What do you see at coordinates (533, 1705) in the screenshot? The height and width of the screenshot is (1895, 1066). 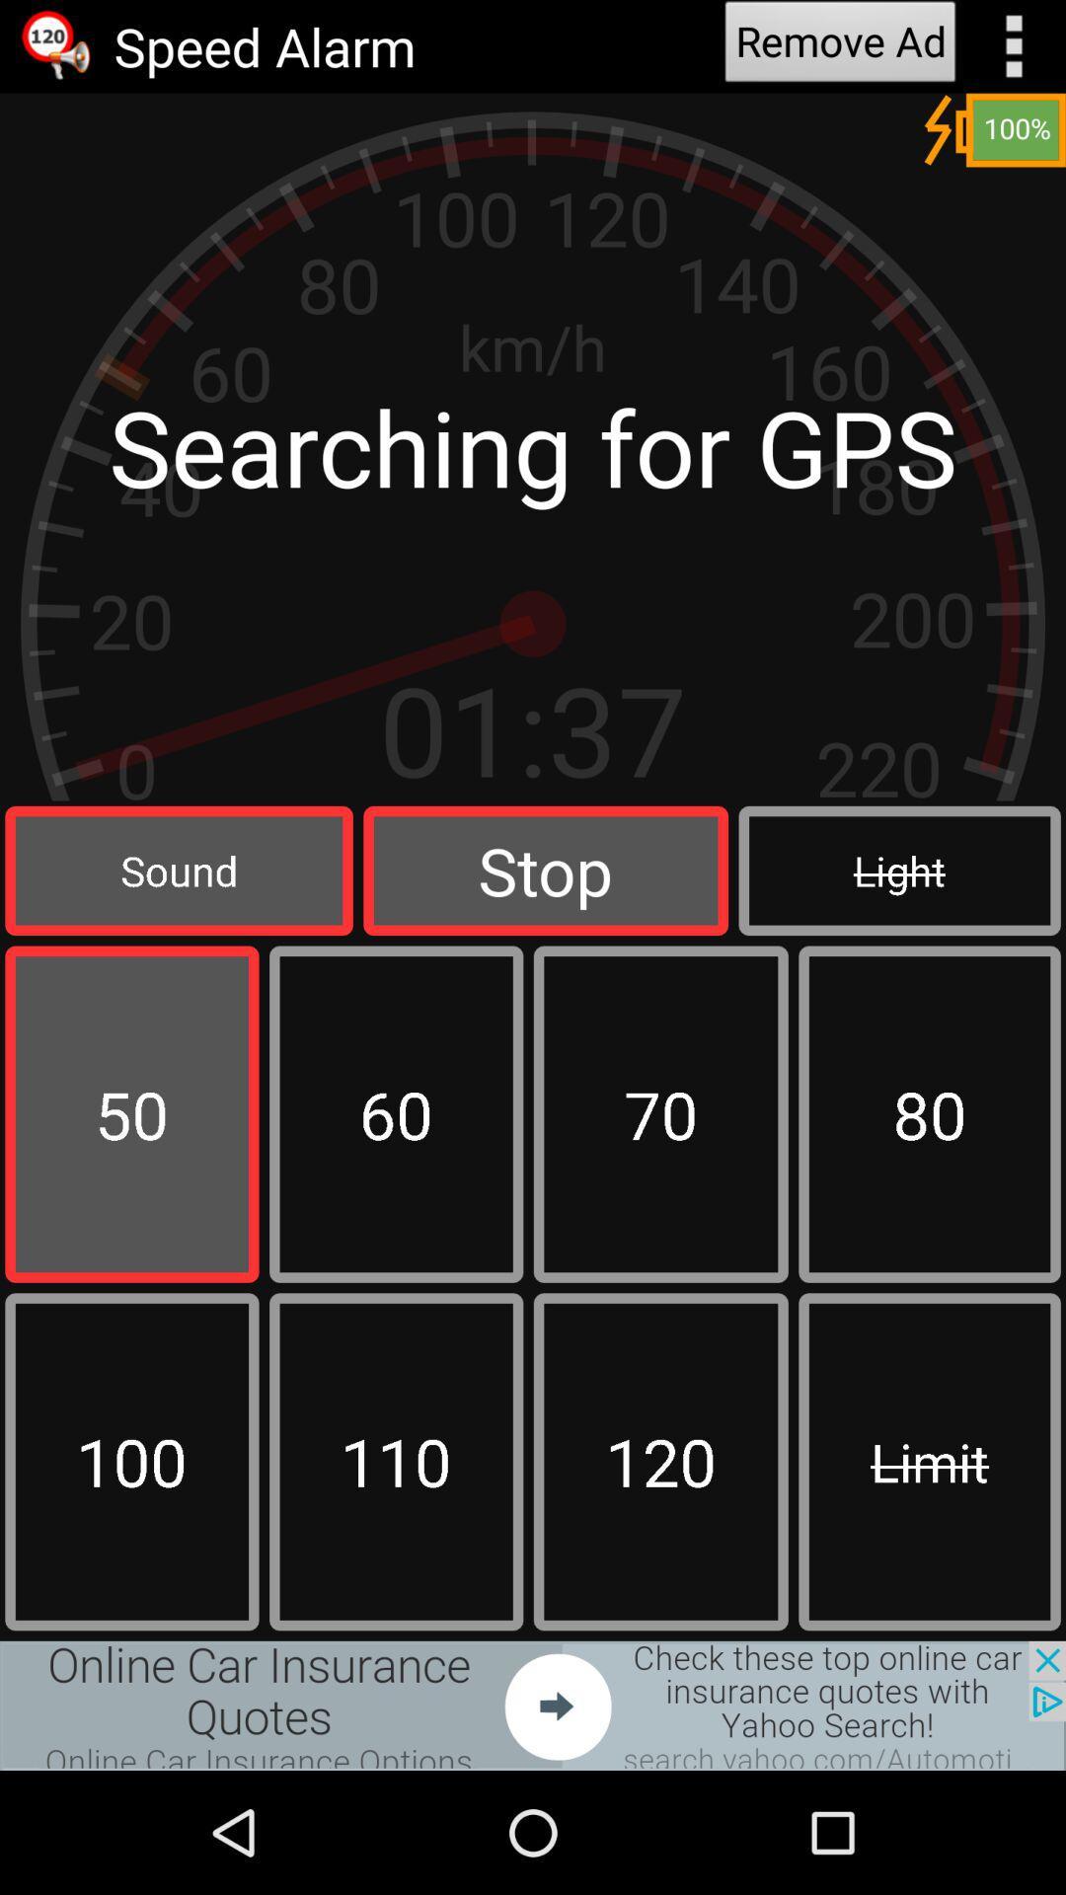 I see `open advertisement` at bounding box center [533, 1705].